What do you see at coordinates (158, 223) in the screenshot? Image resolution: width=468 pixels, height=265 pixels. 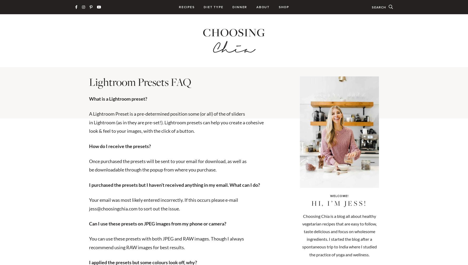 I see `'Can I use these presets on JPEG images from my phone or camera?'` at bounding box center [158, 223].